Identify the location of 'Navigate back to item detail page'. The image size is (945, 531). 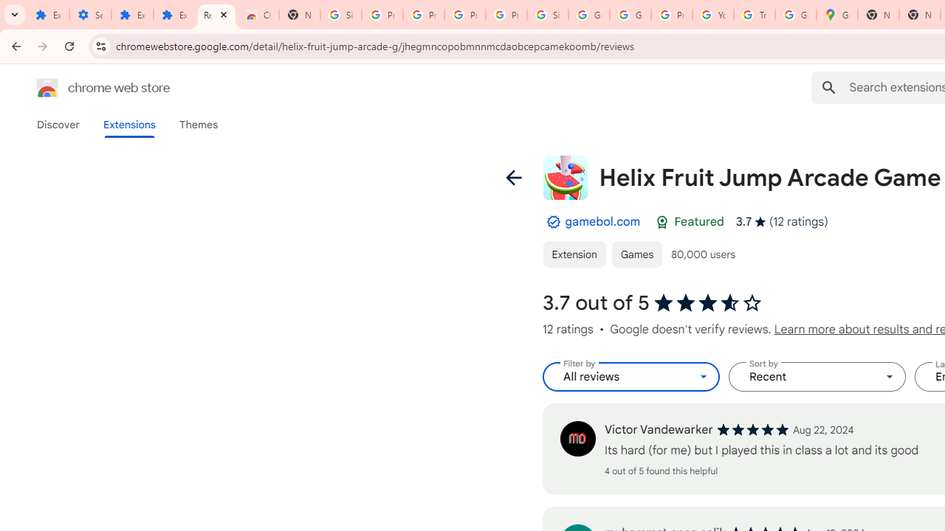
(513, 176).